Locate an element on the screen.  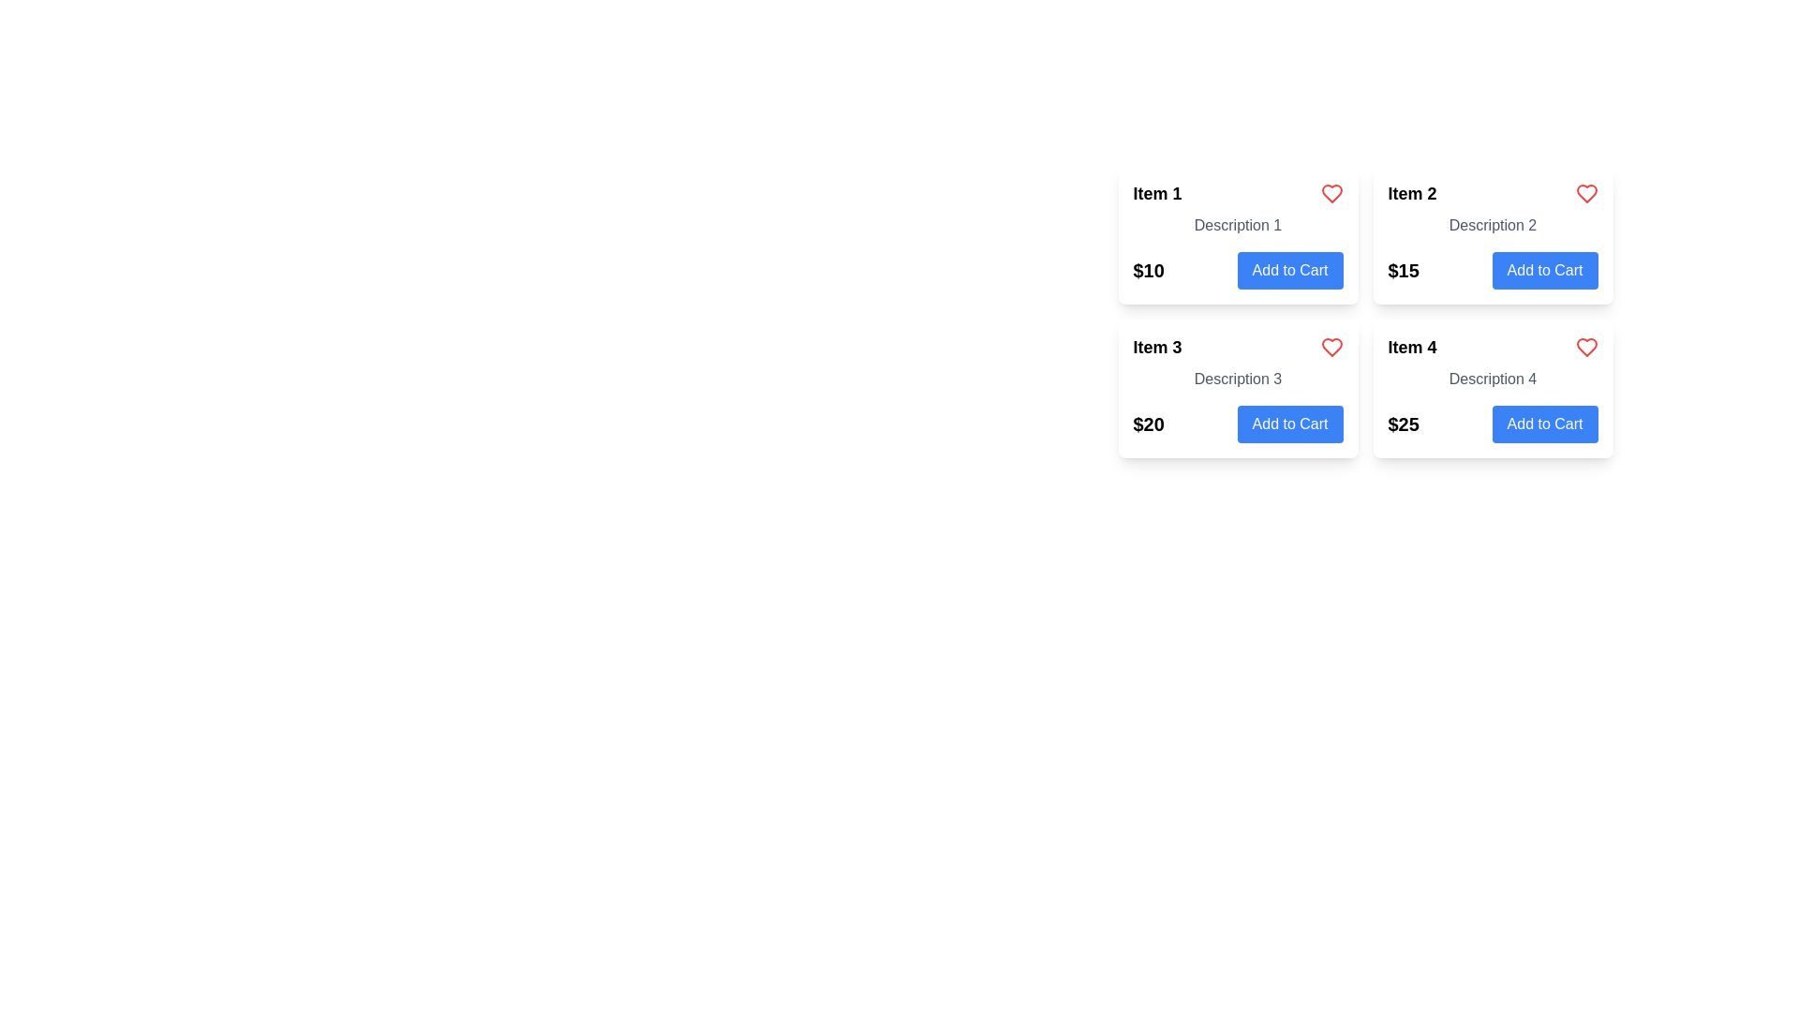
the favorite selection icon located in the top-right corner of the box for 'Item 2' is located at coordinates (1585, 194).